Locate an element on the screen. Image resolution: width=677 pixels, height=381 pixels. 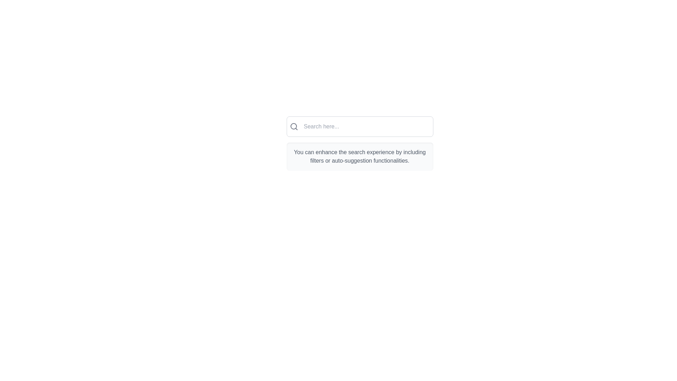
the gray magnifying glass icon located at the leftmost side of the search bar, preceding the input field with the placeholder text 'Search here...' is located at coordinates (294, 126).